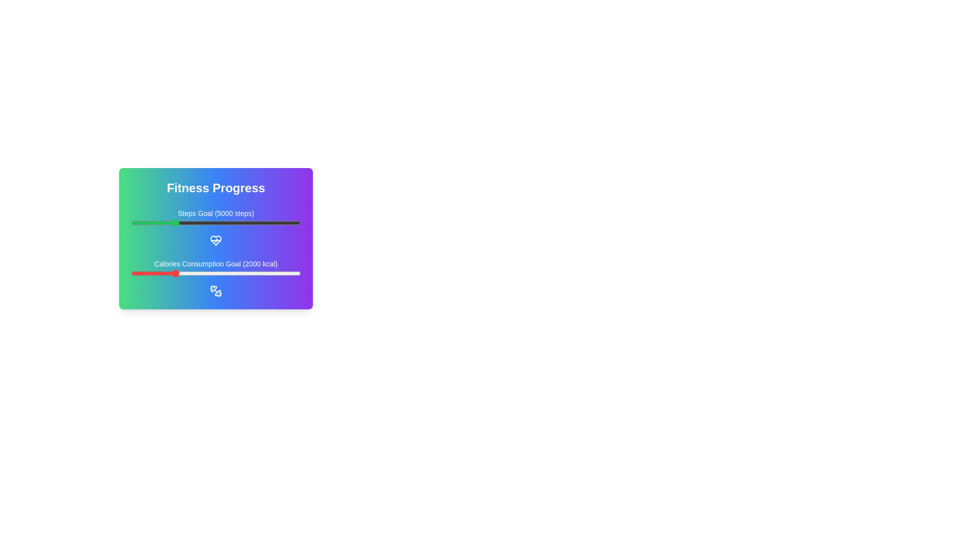 The image size is (969, 545). Describe the element at coordinates (282, 223) in the screenshot. I see `the steps goal` at that location.